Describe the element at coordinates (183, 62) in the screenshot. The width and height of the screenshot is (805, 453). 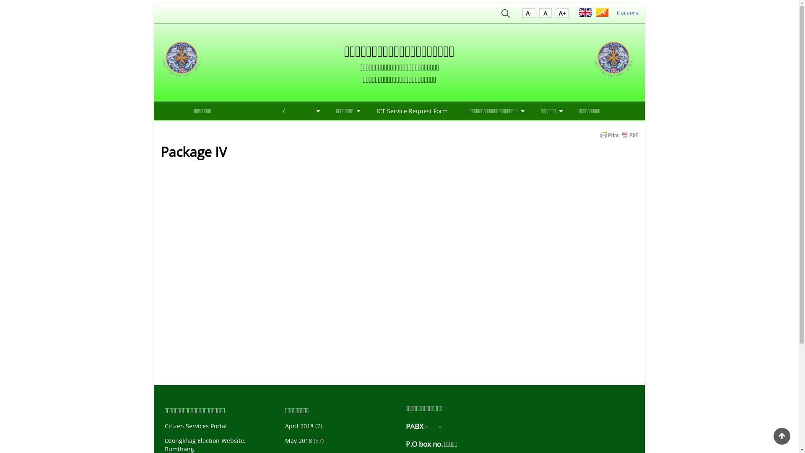
I see `'Home'` at that location.